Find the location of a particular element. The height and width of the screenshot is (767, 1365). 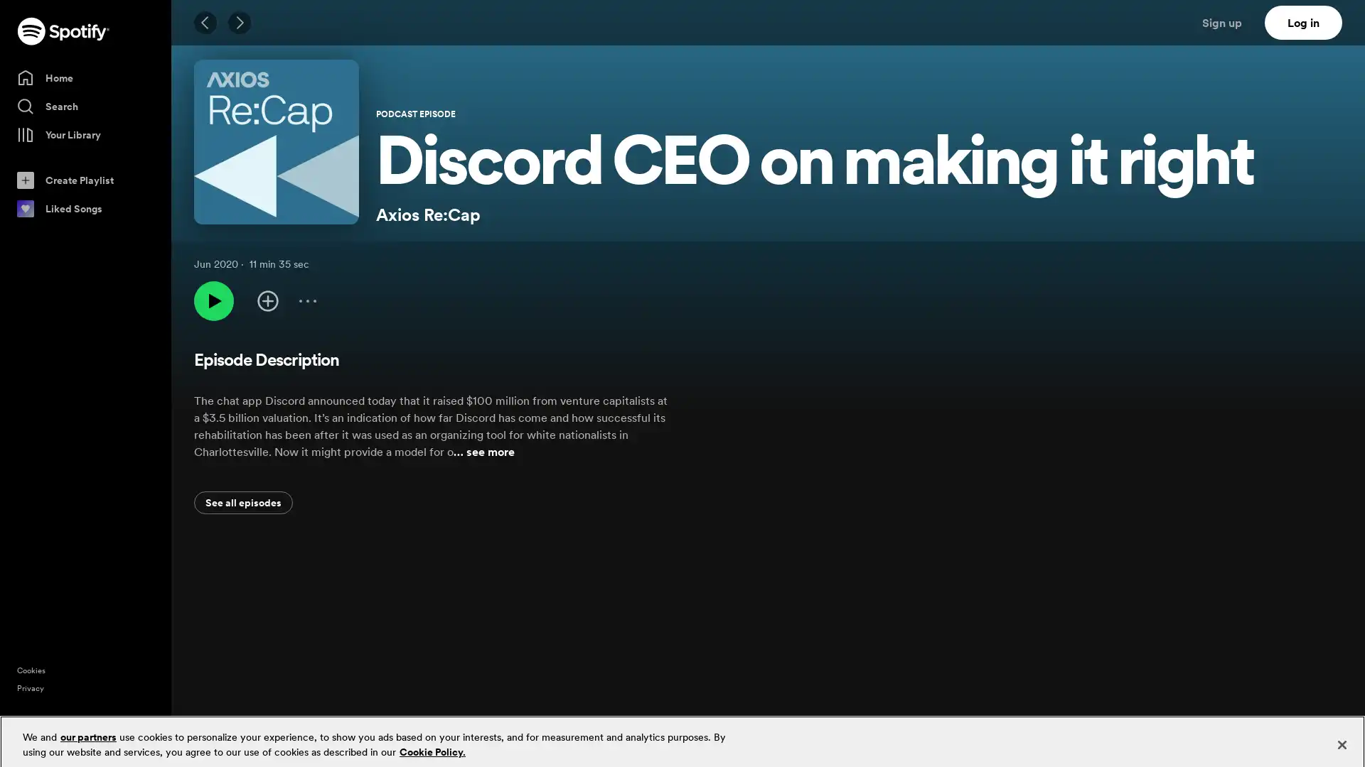

Close is located at coordinates (1341, 734).